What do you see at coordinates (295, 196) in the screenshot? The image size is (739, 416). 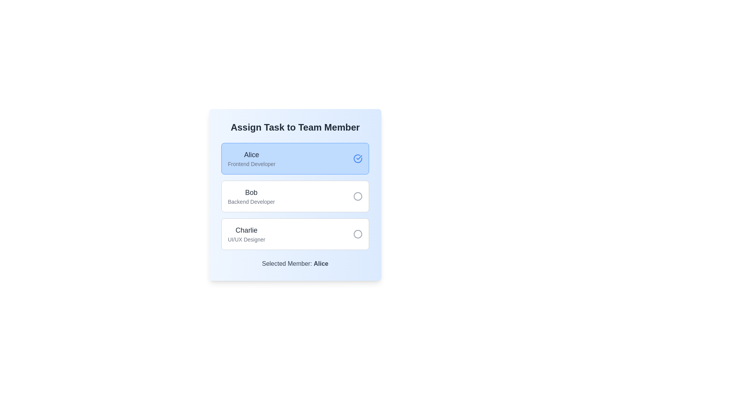 I see `the circular radio button on the Selectable option card` at bounding box center [295, 196].